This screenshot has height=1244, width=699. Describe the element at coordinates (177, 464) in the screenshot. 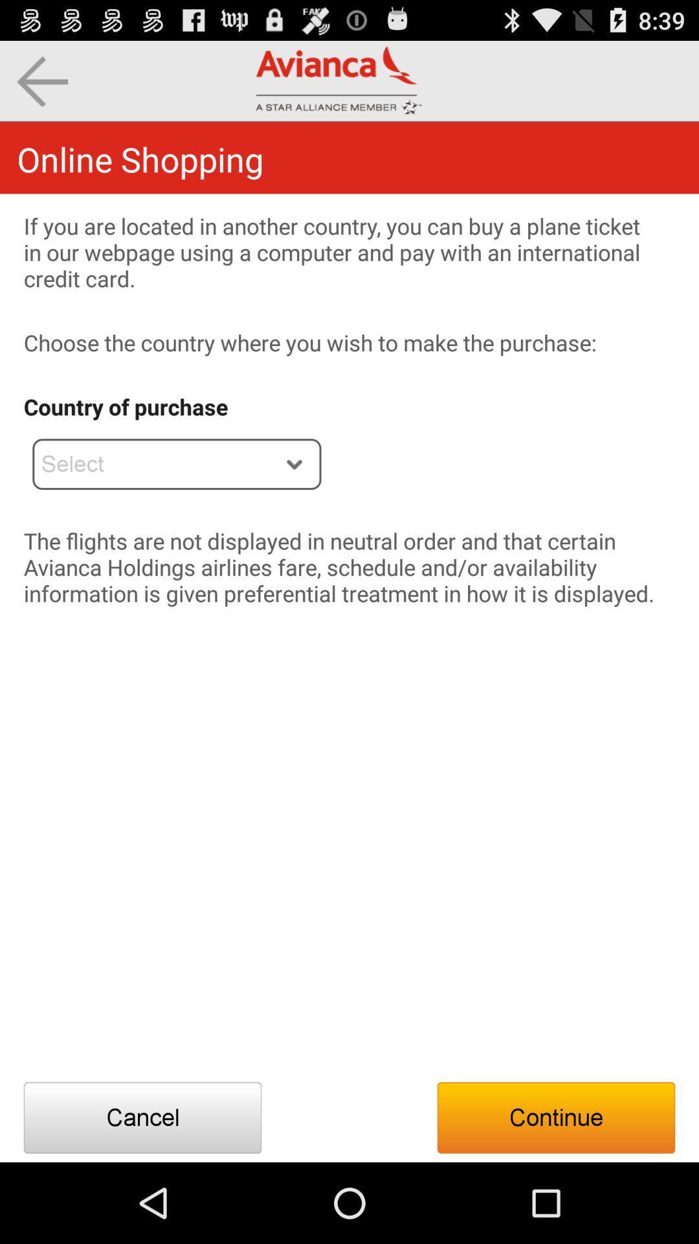

I see `select item` at that location.